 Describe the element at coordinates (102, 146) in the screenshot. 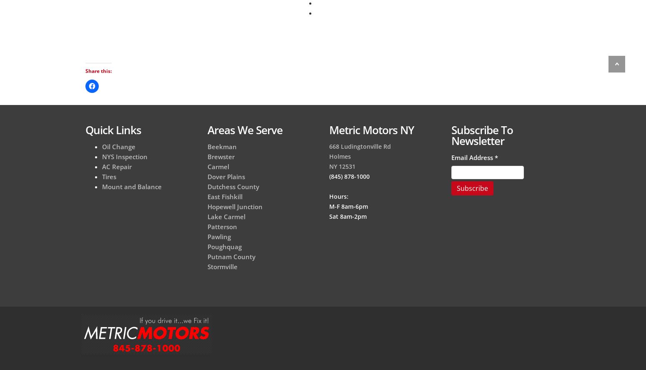

I see `'Oil Change'` at that location.